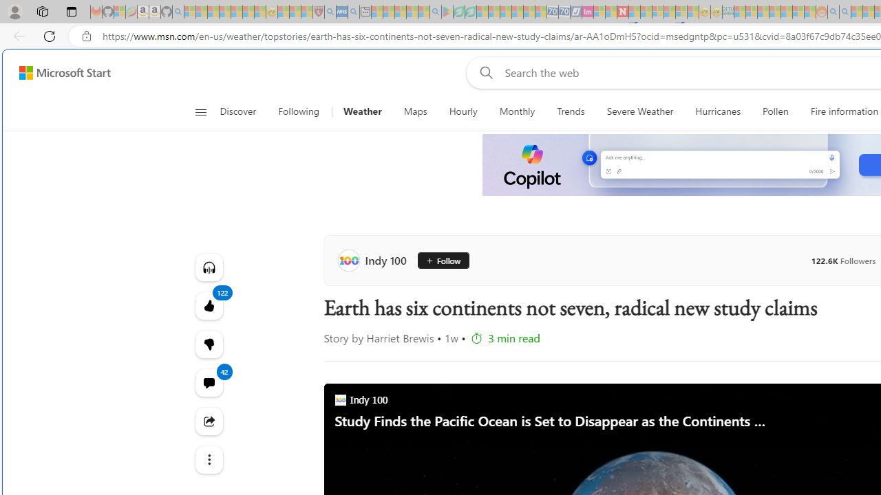 The image size is (881, 495). What do you see at coordinates (787, 12) in the screenshot?
I see `'Kinda Frugal - MSN - Sleeping'` at bounding box center [787, 12].